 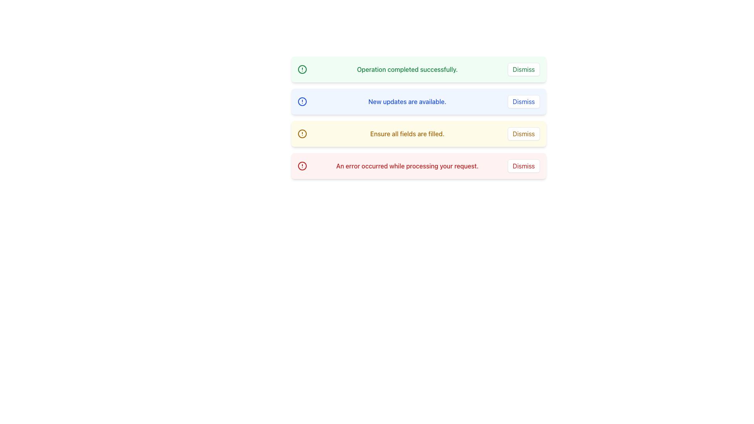 I want to click on the central circular SVG element in the light blue notification bar that indicates new updates are available, so click(x=302, y=101).